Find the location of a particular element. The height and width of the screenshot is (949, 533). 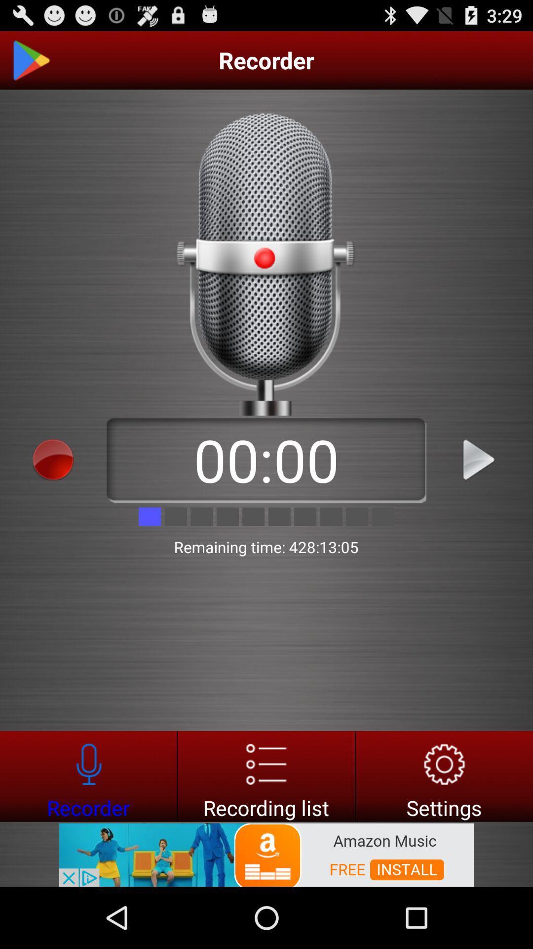

switch autoplay option is located at coordinates (30, 60).